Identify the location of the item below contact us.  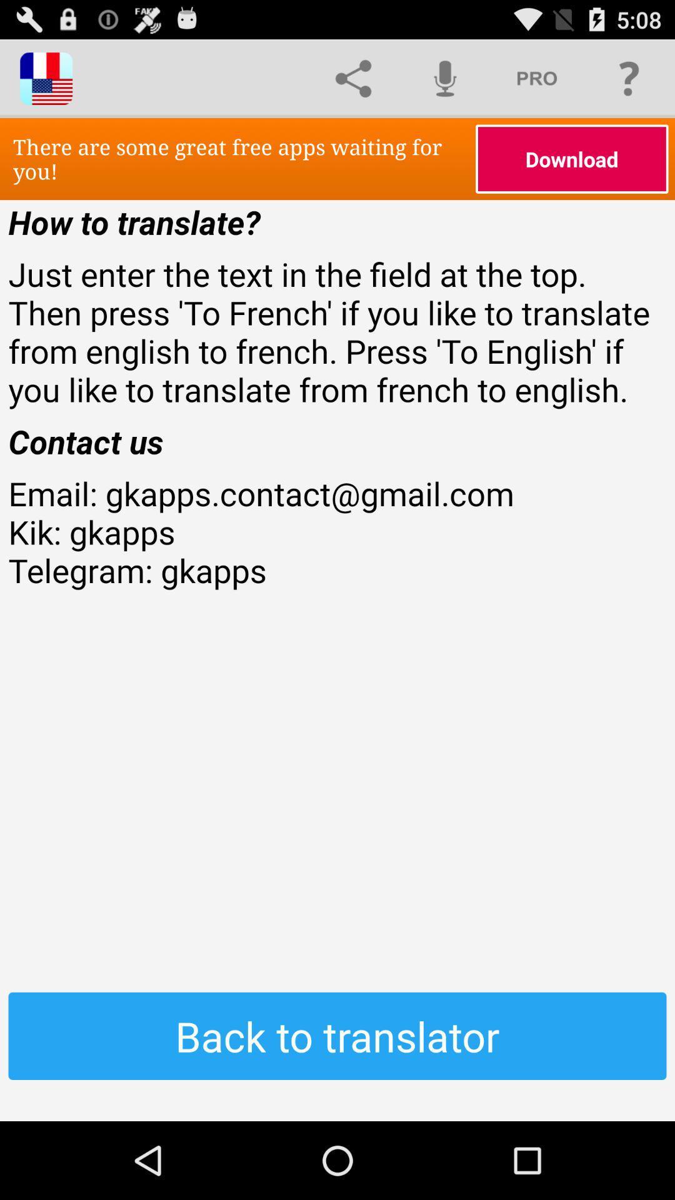
(337, 569).